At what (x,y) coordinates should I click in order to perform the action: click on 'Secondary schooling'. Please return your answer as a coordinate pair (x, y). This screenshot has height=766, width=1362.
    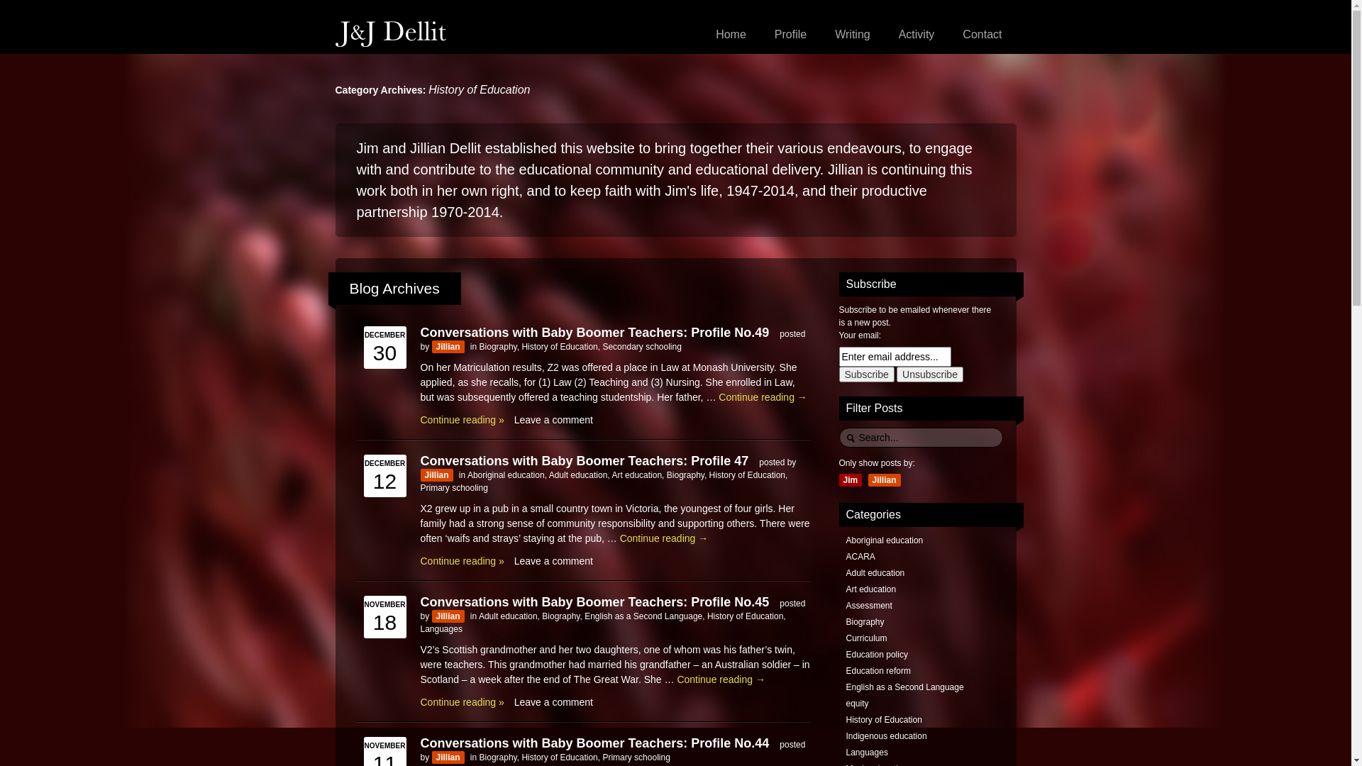
    Looking at the image, I should click on (641, 347).